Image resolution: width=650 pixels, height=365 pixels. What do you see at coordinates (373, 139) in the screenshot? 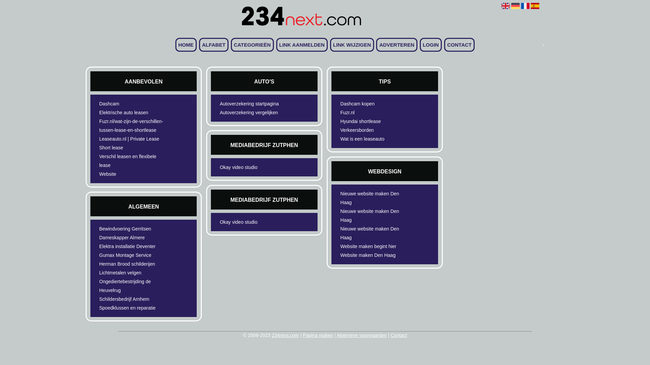
I see `'Wat is een leaseauto'` at bounding box center [373, 139].